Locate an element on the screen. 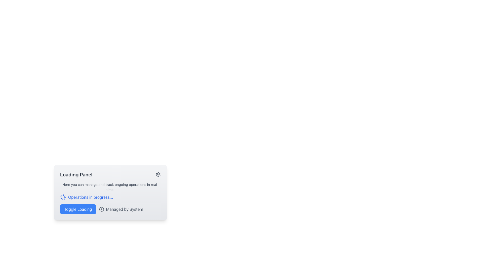 This screenshot has height=271, width=483. details of the SVG circle graphic which is part of an info icon located in the footer section of a card-like component is located at coordinates (101, 209).